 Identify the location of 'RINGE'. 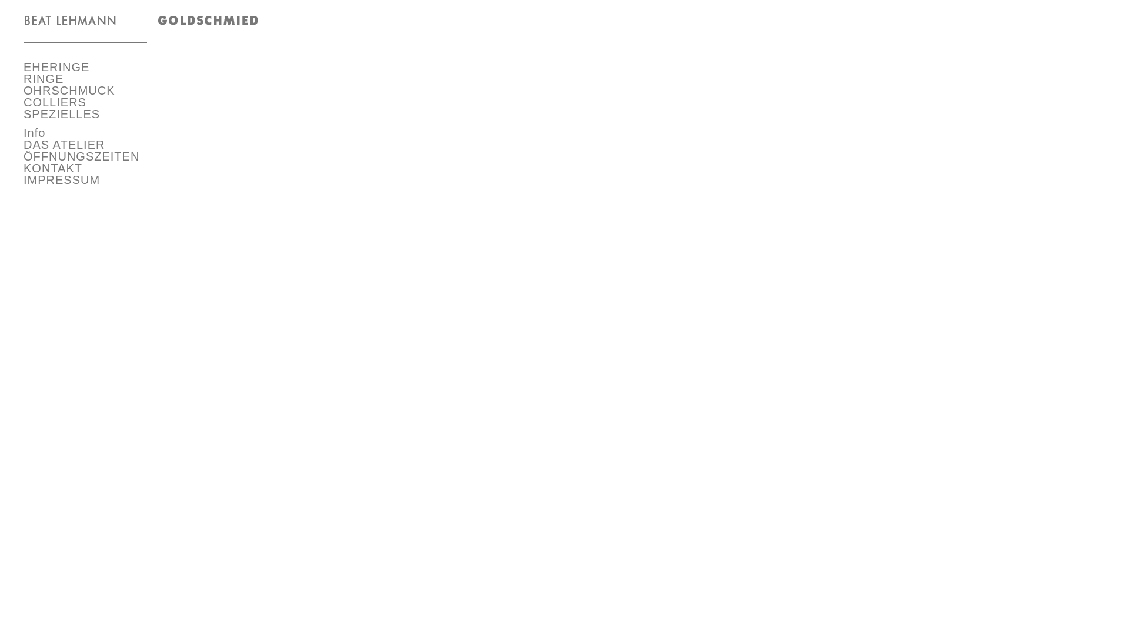
(43, 79).